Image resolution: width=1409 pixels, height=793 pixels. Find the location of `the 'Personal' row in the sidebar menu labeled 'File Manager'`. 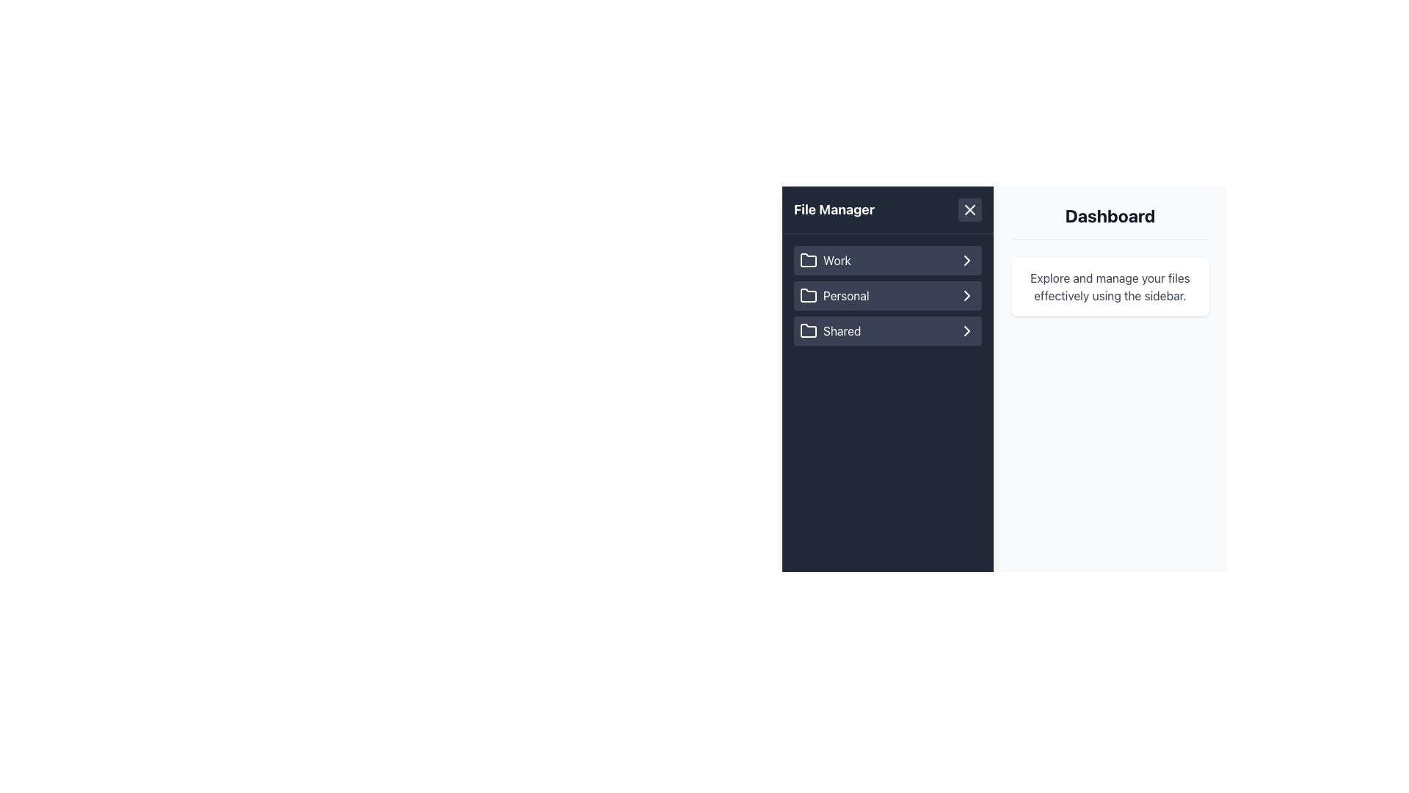

the 'Personal' row in the sidebar menu labeled 'File Manager' is located at coordinates (886, 295).